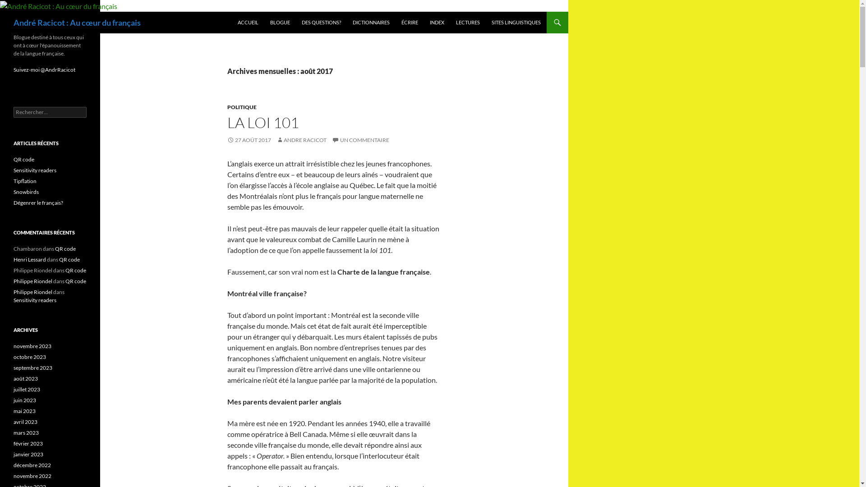 The width and height of the screenshot is (866, 487). Describe the element at coordinates (32, 475) in the screenshot. I see `'novembre 2022'` at that location.